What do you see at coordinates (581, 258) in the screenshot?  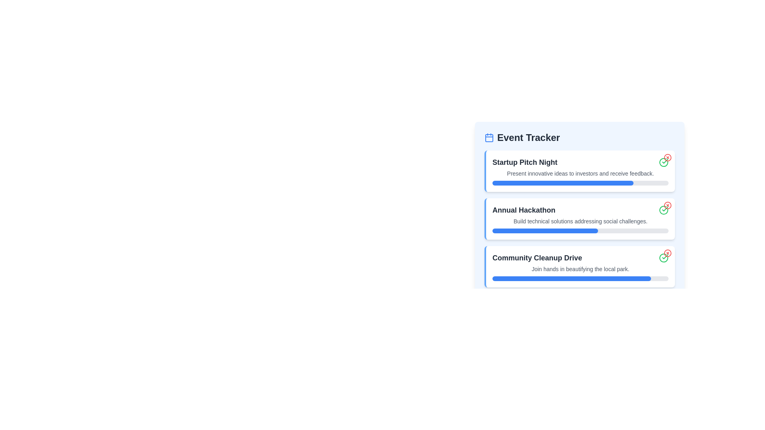 I see `the text label indicating the title 'Community Cleanup Drive' at the top of the section` at bounding box center [581, 258].